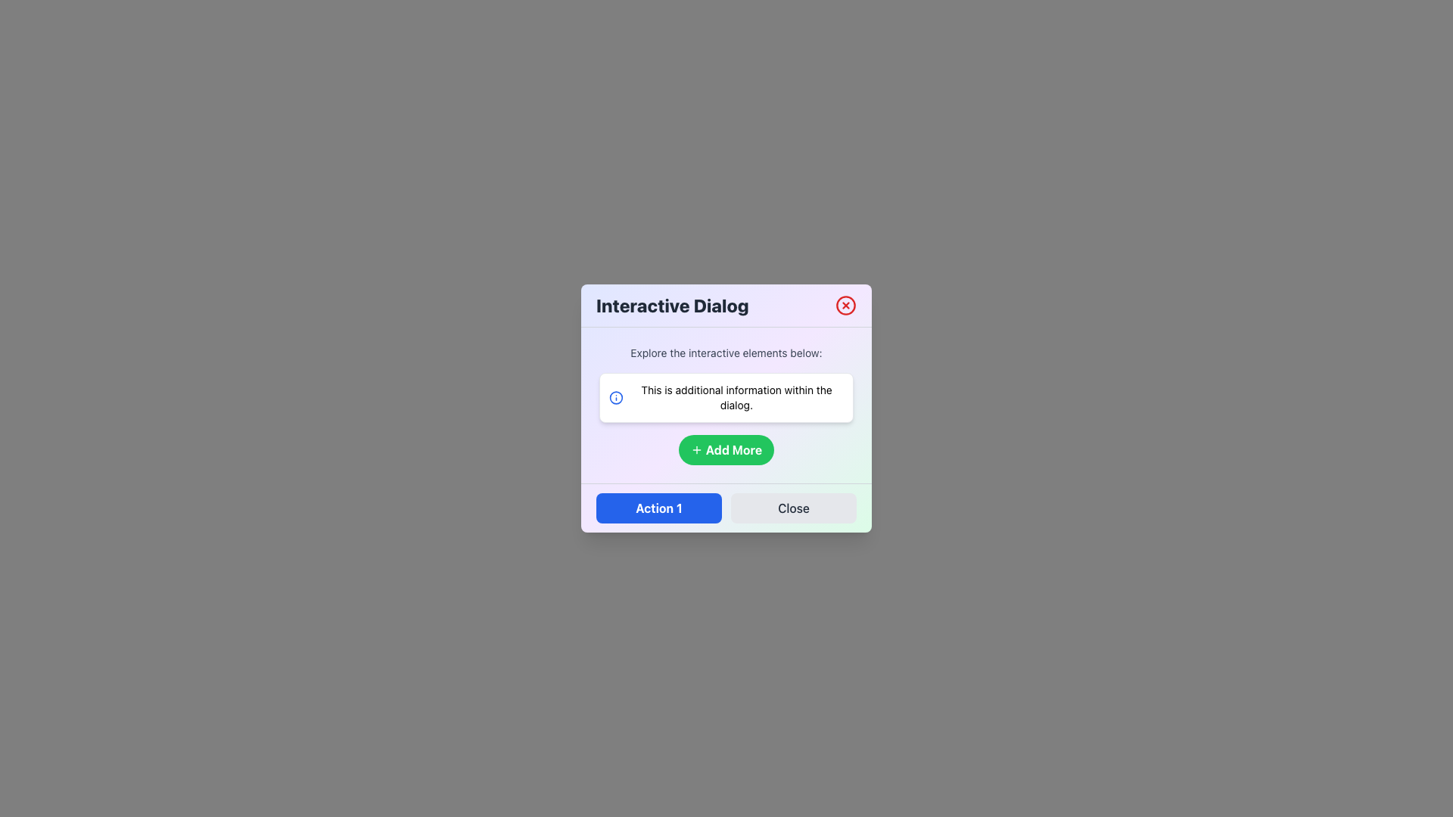  I want to click on the close icon button located in the top-right corner of the dialog header, adjacent to the heading text 'Interactive Dialog', so click(845, 306).